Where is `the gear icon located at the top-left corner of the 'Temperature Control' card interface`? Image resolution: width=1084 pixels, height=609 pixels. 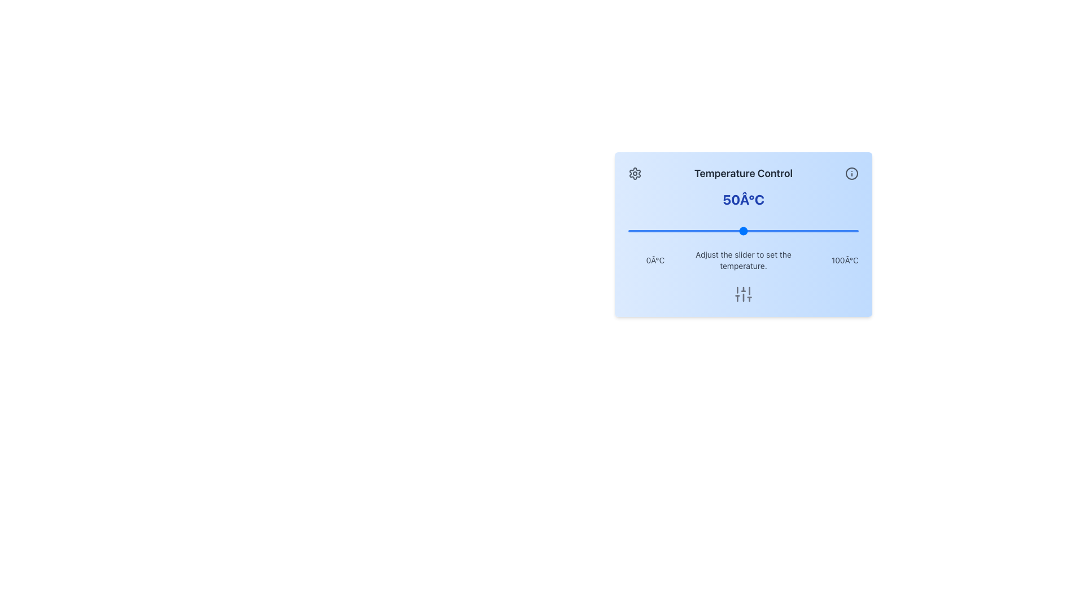 the gear icon located at the top-left corner of the 'Temperature Control' card interface is located at coordinates (635, 174).